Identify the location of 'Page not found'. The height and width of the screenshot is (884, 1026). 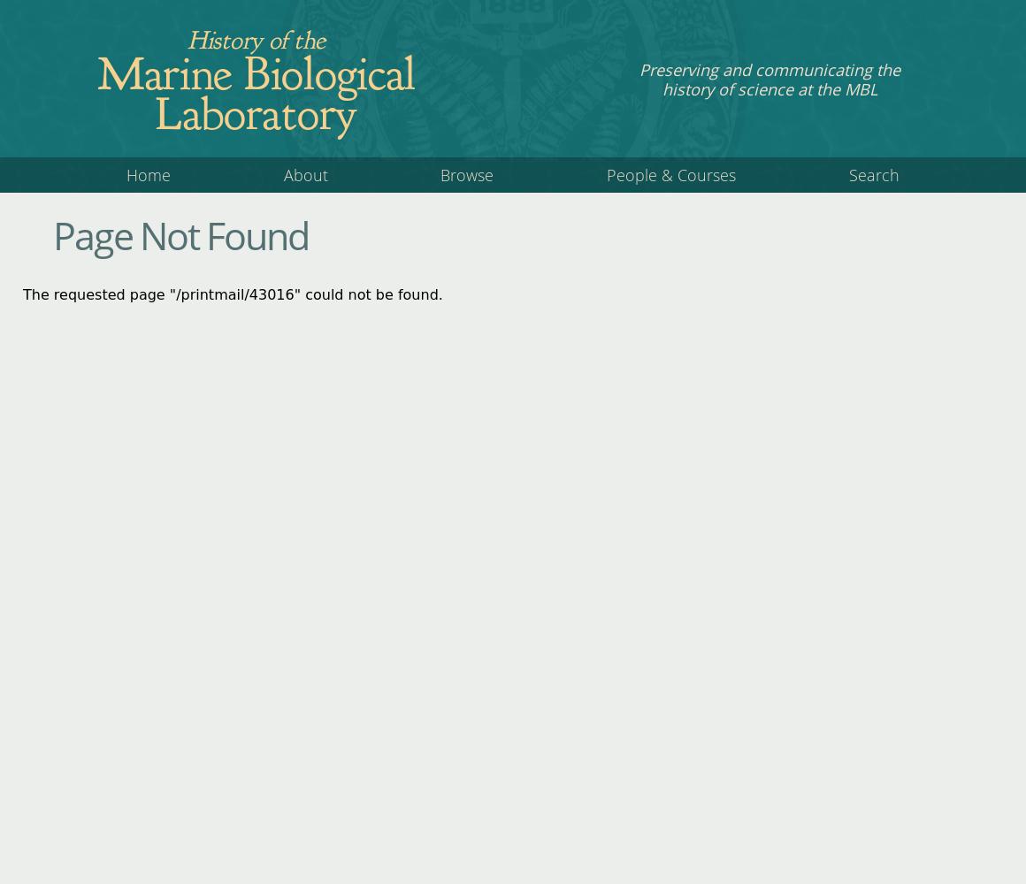
(180, 235).